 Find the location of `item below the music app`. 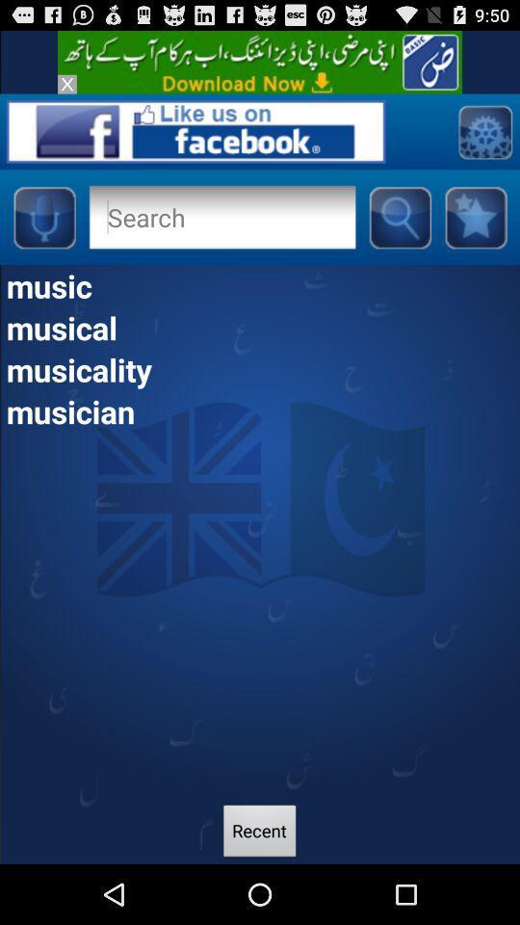

item below the music app is located at coordinates (260, 327).